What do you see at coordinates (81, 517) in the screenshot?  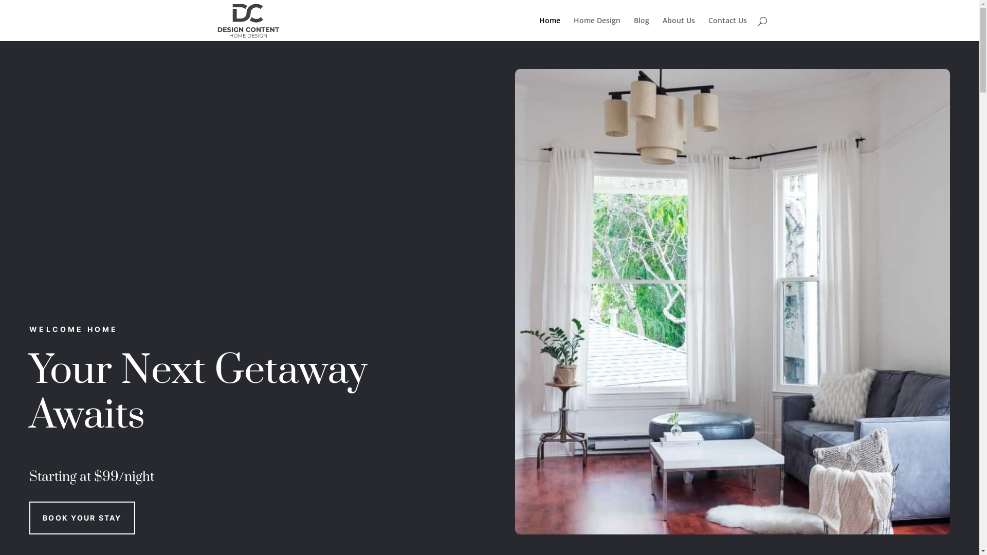 I see `'BOOK YOUR STAY'` at bounding box center [81, 517].